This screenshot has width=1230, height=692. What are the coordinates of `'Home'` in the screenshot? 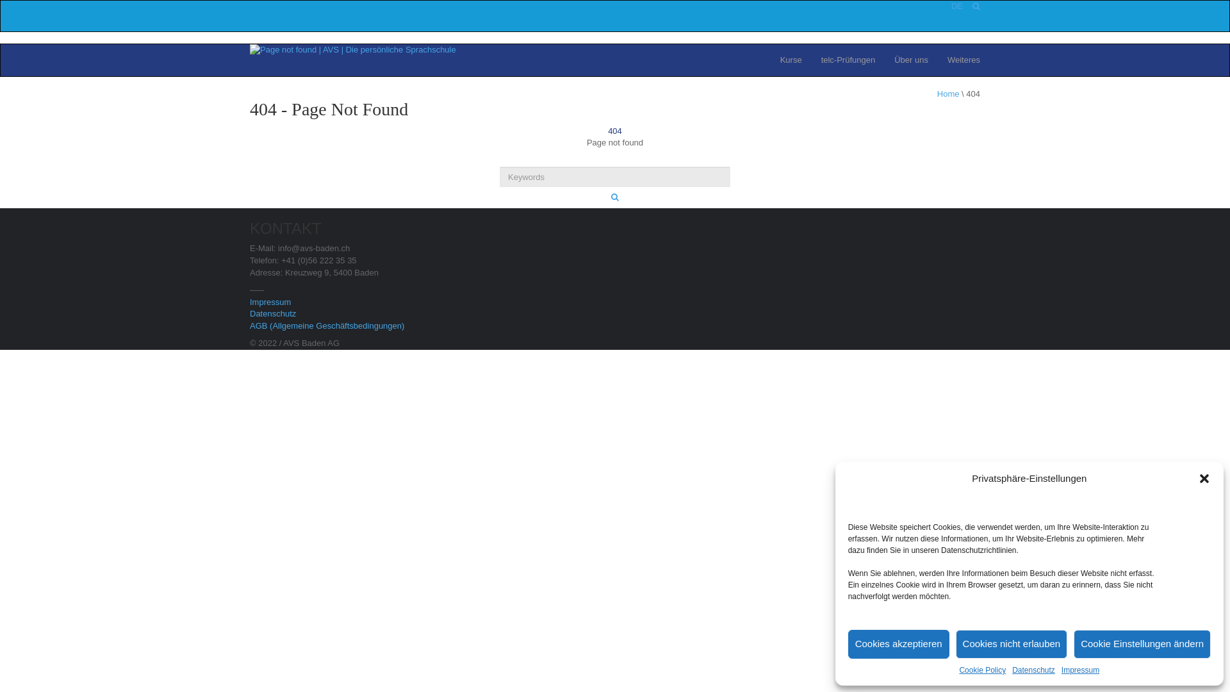 It's located at (948, 93).